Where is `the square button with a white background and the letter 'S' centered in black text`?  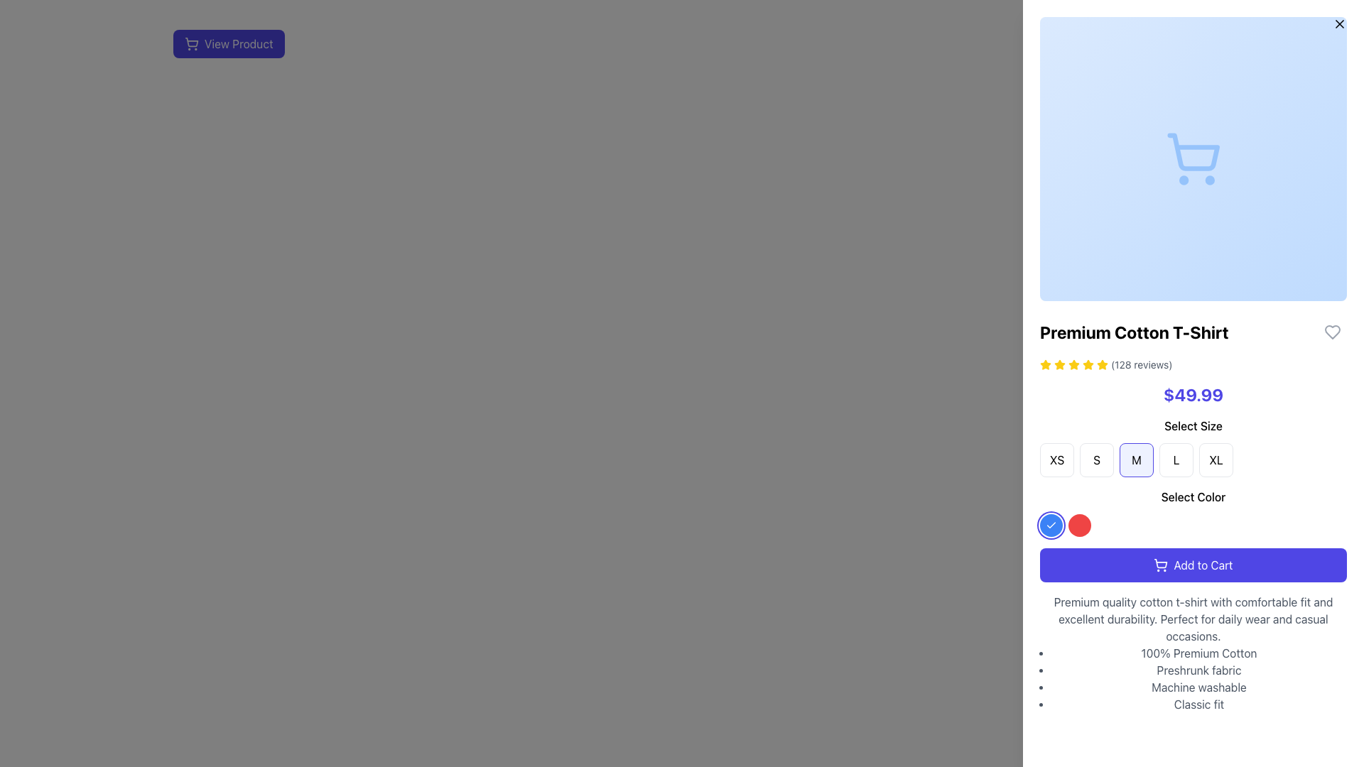 the square button with a white background and the letter 'S' centered in black text is located at coordinates (1096, 460).